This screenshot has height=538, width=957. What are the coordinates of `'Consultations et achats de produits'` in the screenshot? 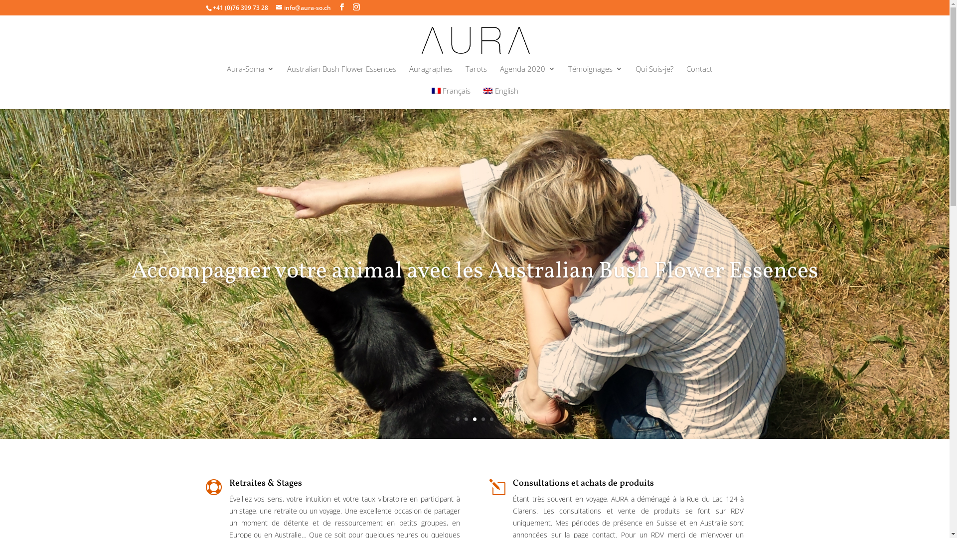 It's located at (583, 483).